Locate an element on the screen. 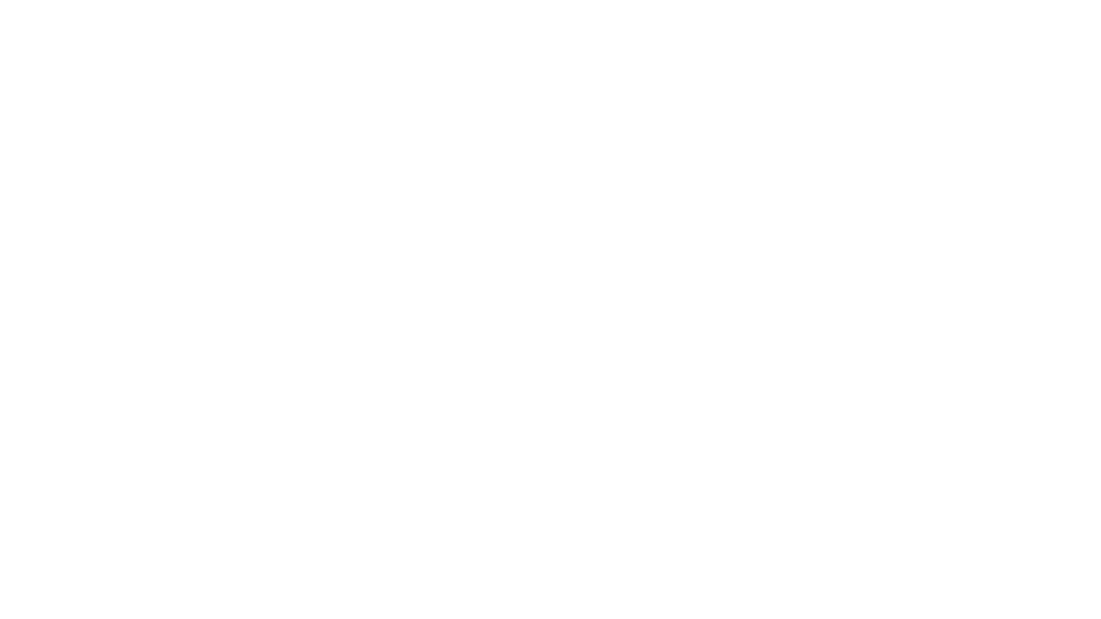 The width and height of the screenshot is (1101, 619). Industries is located at coordinates (285, 15).